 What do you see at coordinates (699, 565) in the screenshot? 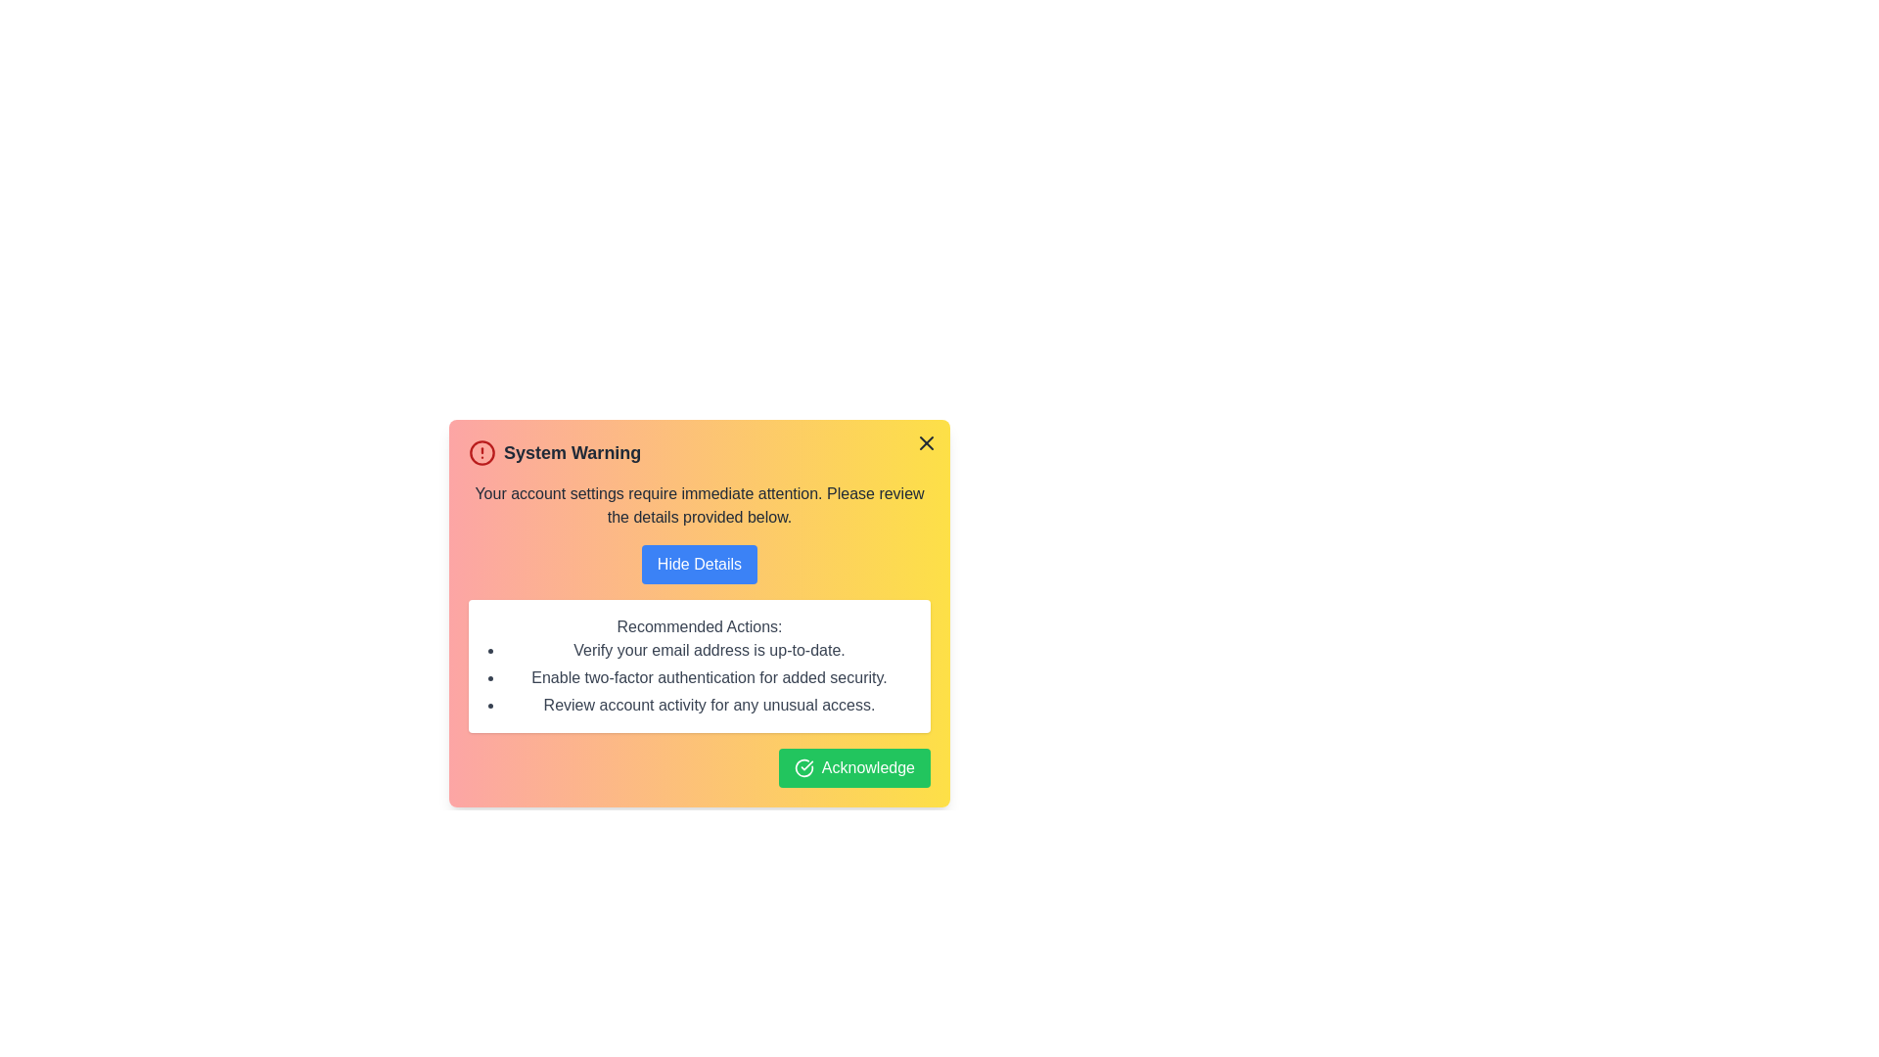
I see `the 'Hide Details' button to toggle the visibility of the details section` at bounding box center [699, 565].